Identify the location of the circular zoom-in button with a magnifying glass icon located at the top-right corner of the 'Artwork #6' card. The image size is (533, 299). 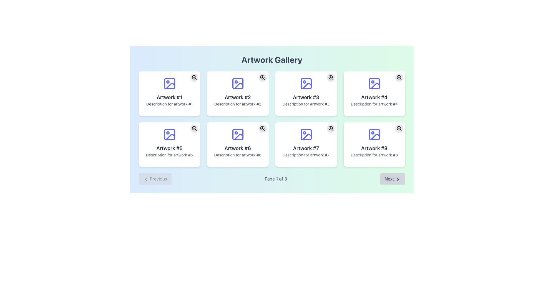
(262, 128).